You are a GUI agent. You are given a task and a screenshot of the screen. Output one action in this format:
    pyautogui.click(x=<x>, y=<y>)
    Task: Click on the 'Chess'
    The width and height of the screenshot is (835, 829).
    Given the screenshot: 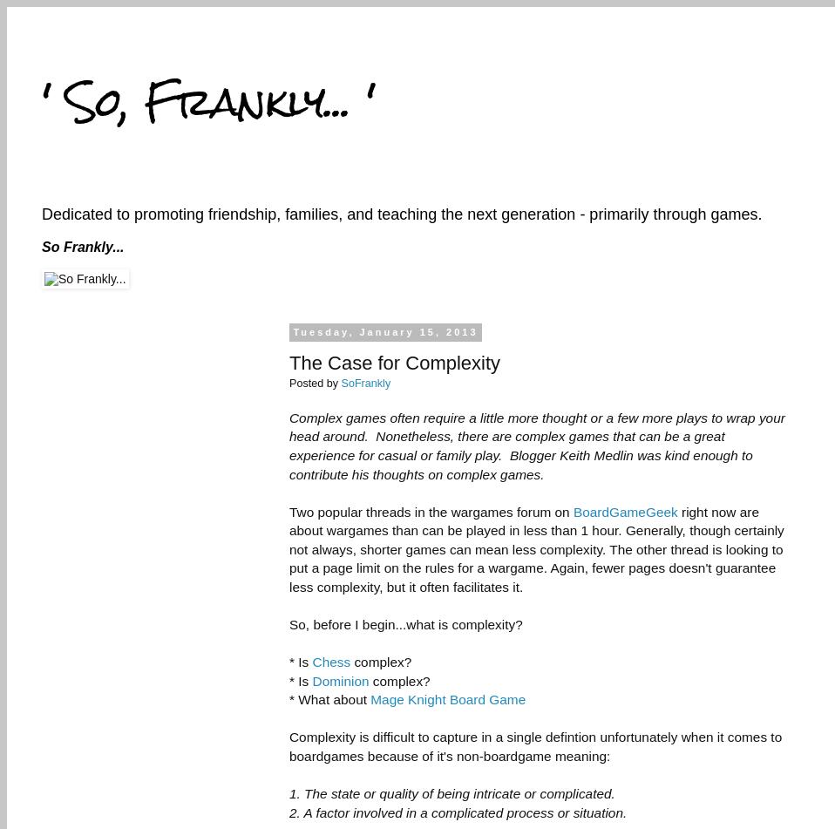 What is the action you would take?
    pyautogui.click(x=330, y=661)
    